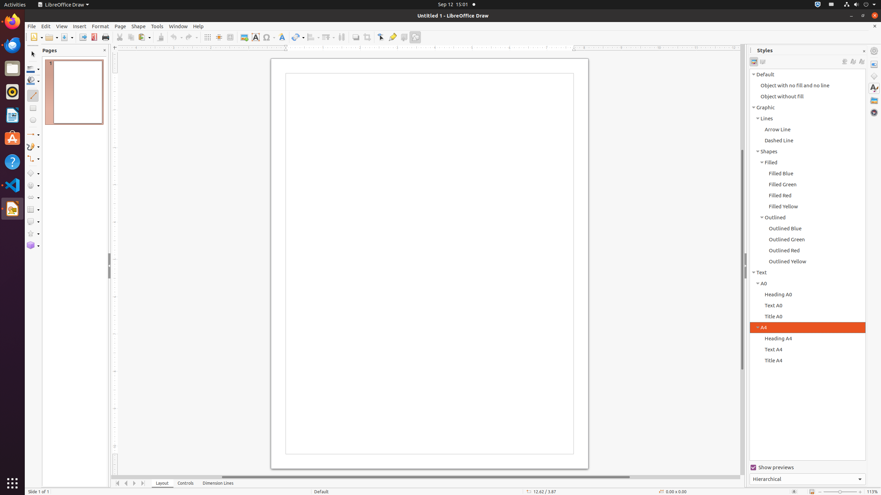 Image resolution: width=881 pixels, height=495 pixels. Describe the element at coordinates (62, 26) in the screenshot. I see `'View'` at that location.